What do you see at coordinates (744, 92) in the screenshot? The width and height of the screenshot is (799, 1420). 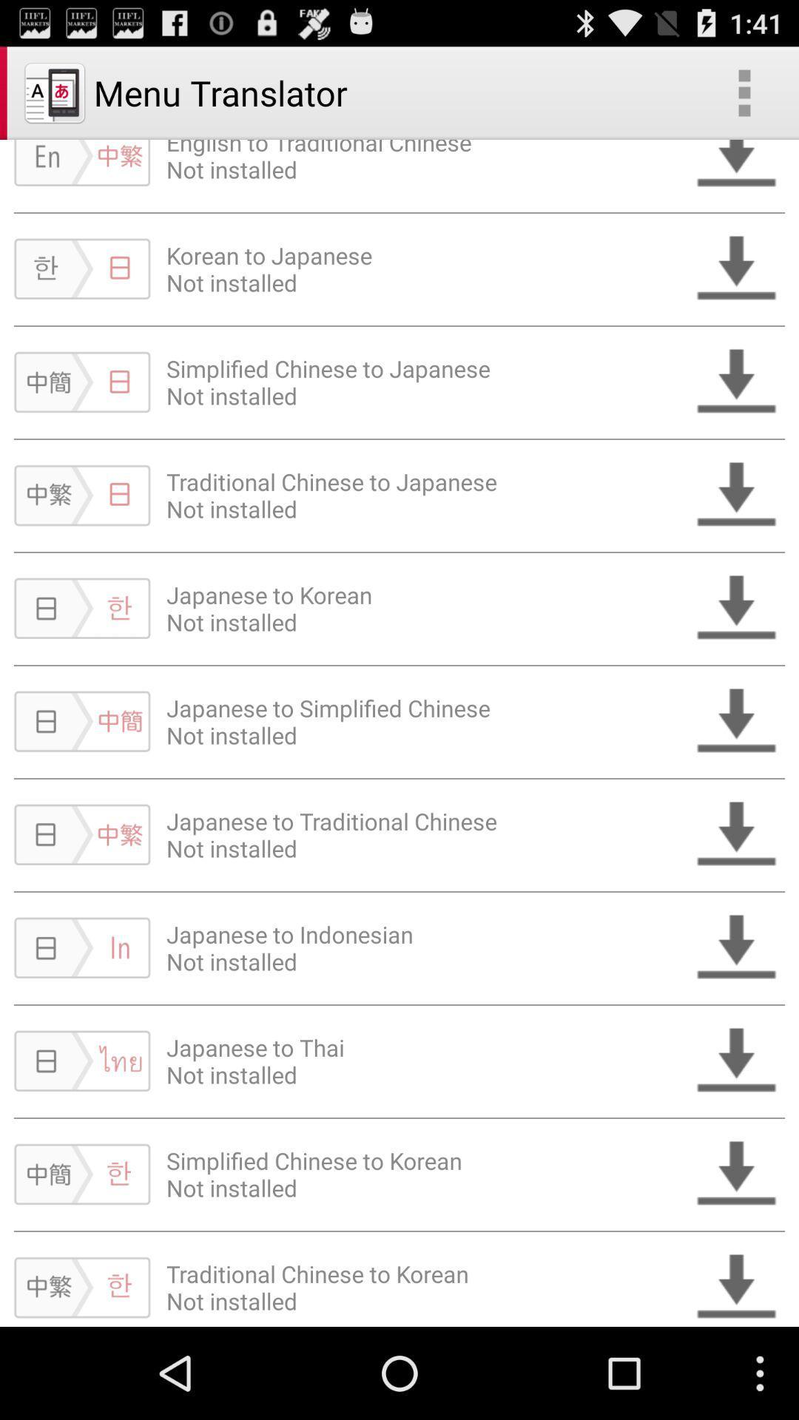 I see `the item next to the english to traditional app` at bounding box center [744, 92].